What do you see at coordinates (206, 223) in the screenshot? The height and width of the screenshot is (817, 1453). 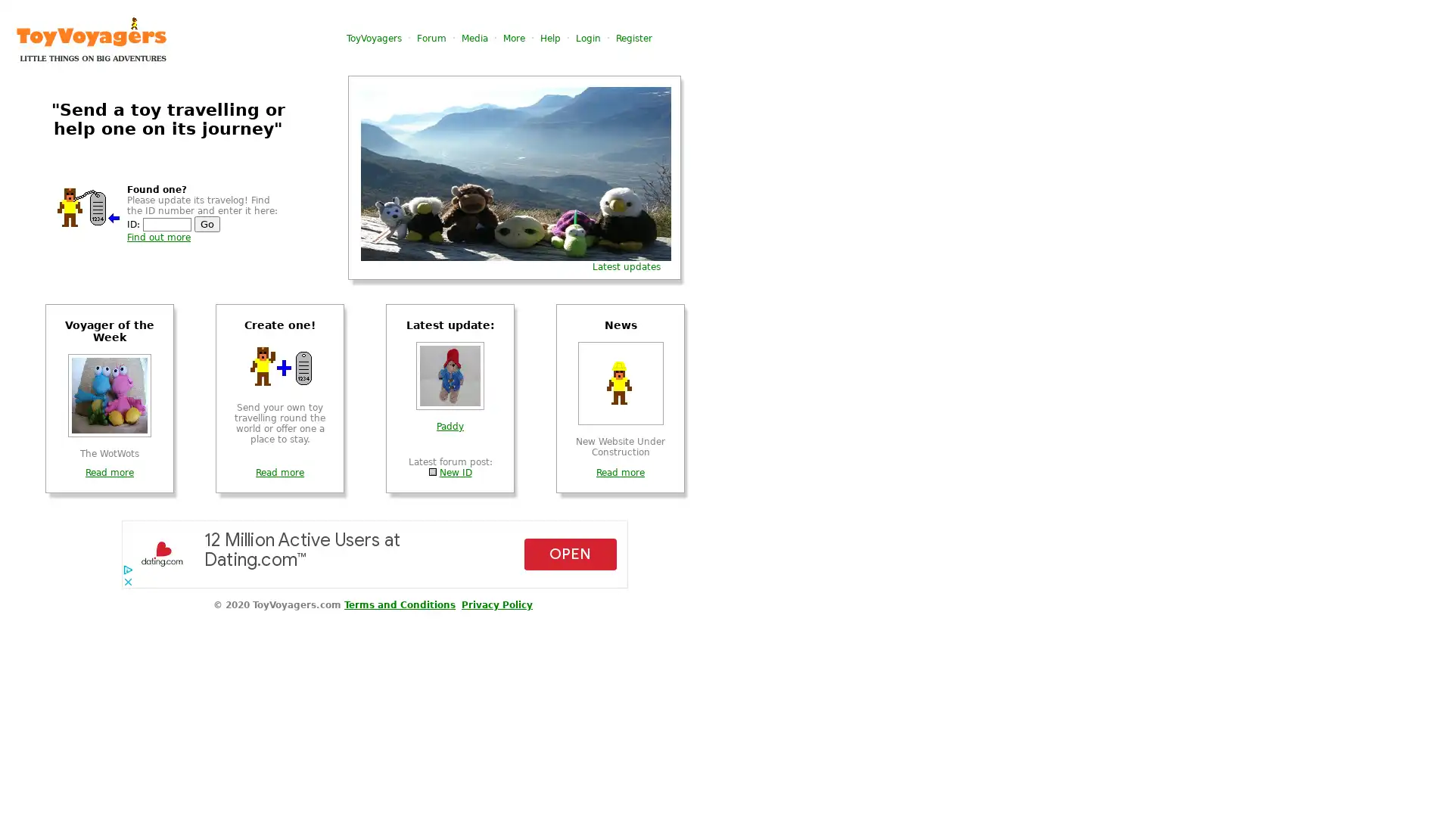 I see `Go` at bounding box center [206, 223].